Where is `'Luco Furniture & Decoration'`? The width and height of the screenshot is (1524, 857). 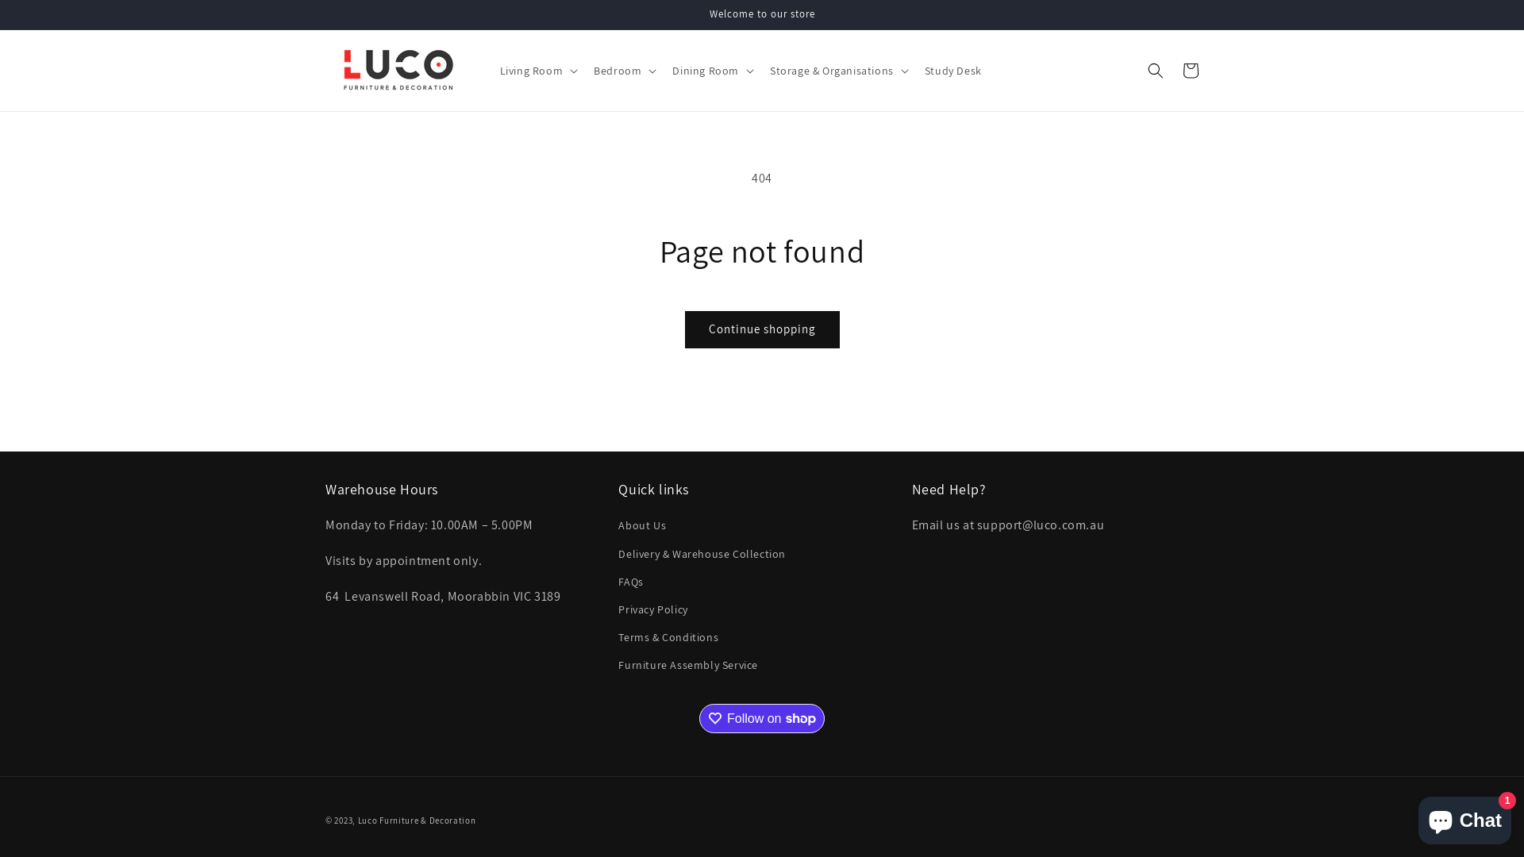 'Luco Furniture & Decoration' is located at coordinates (417, 820).